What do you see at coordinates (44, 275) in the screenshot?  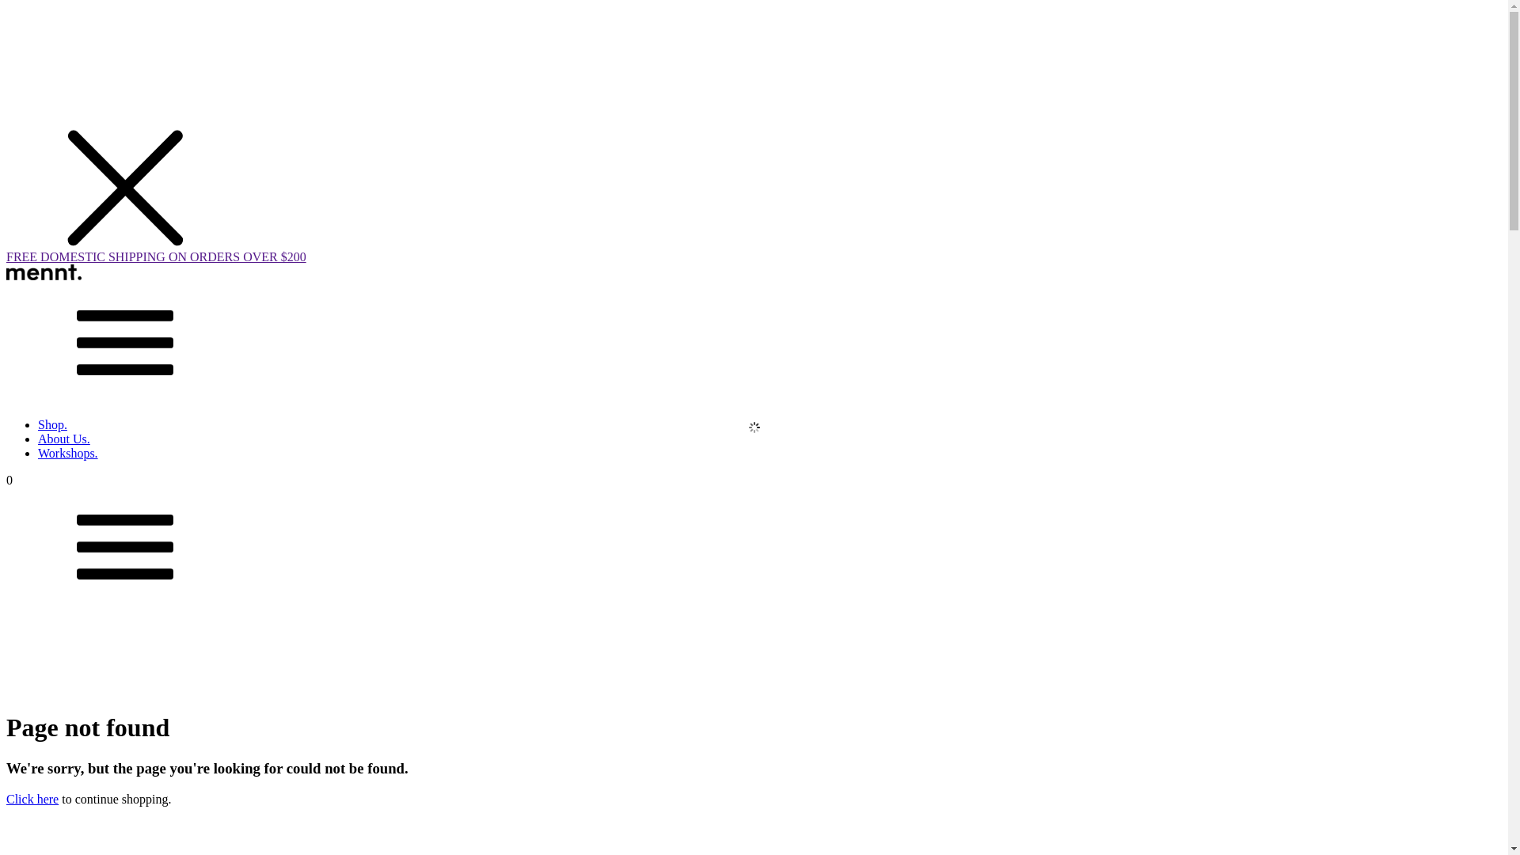 I see `'Mennt'` at bounding box center [44, 275].